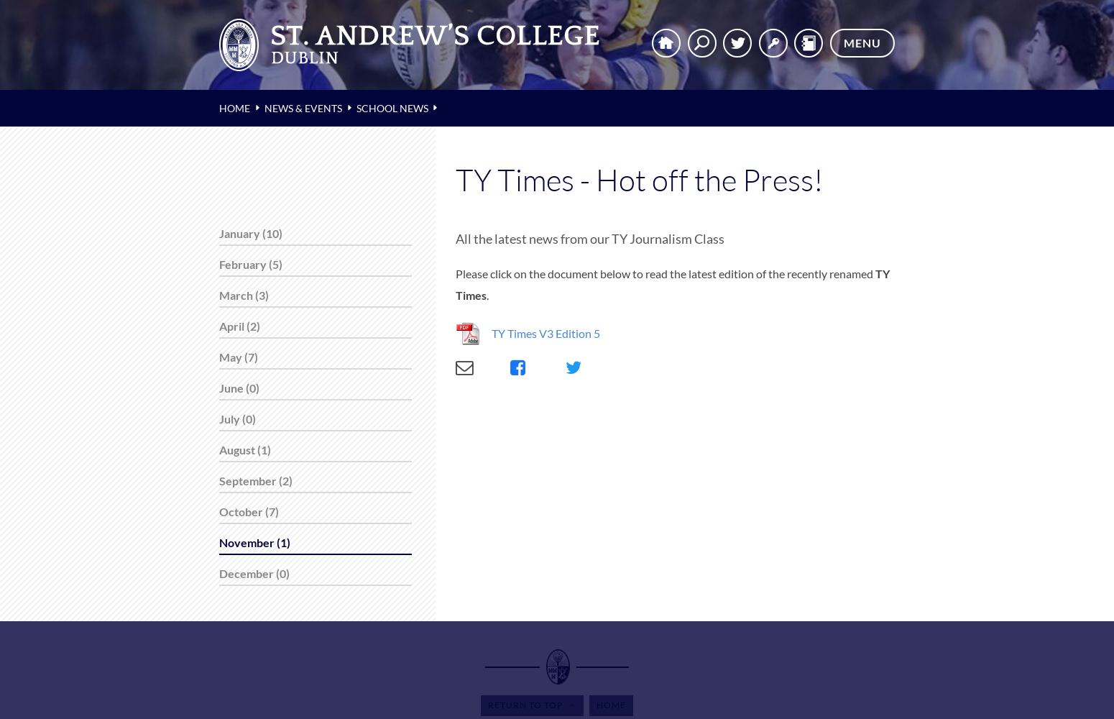 The image size is (1114, 719). I want to click on 'Welcome', so click(57, 22).